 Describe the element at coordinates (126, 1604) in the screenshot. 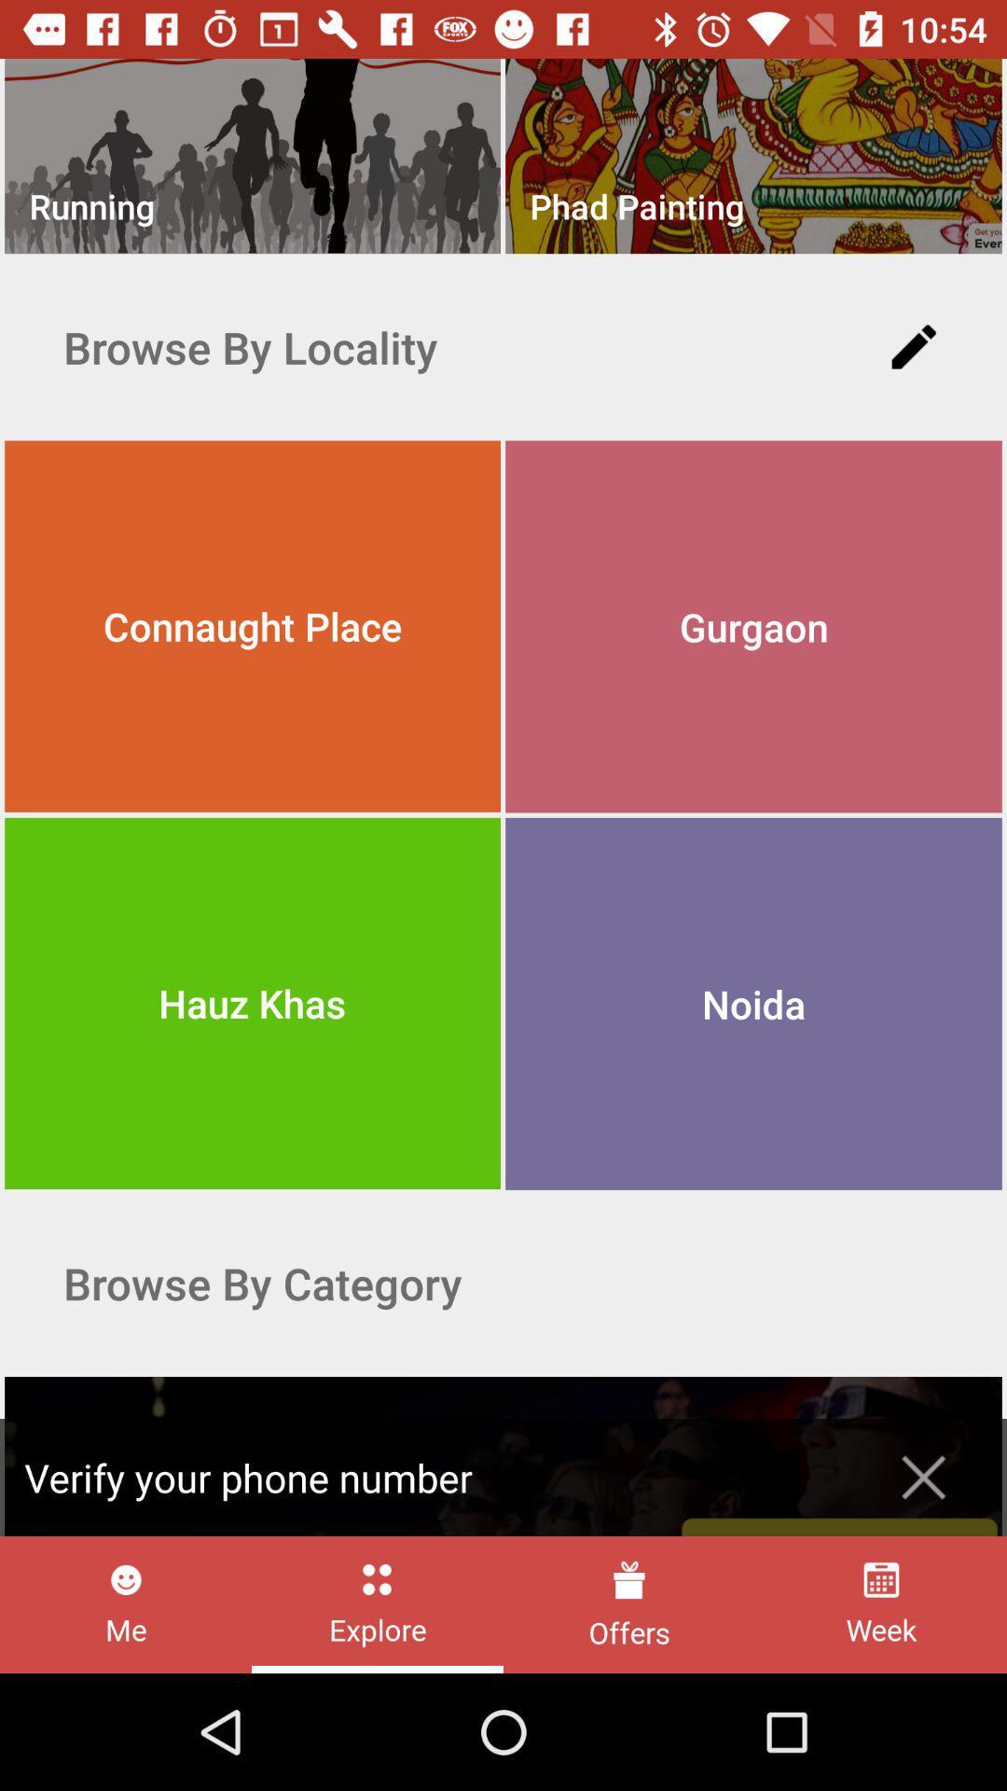

I see `the item at the bottom left corner` at that location.